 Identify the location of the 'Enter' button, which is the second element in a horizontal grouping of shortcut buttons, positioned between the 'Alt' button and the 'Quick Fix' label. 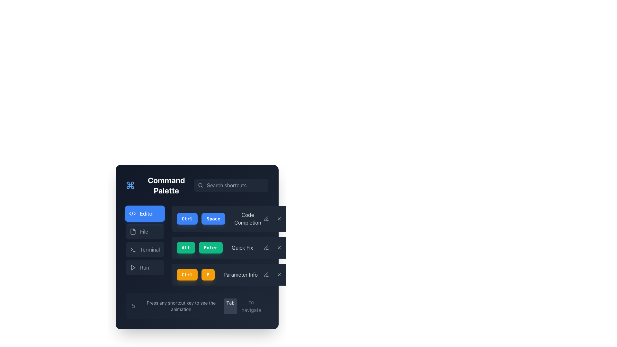
(210, 247).